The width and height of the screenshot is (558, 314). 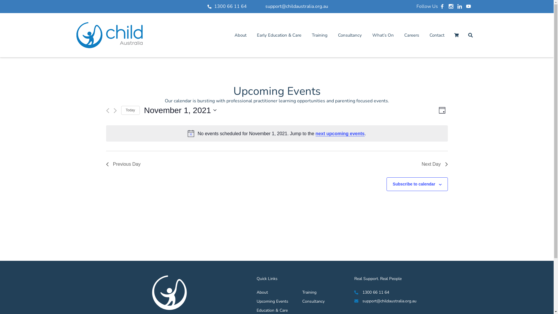 I want to click on 'Education & Care', so click(x=256, y=310).